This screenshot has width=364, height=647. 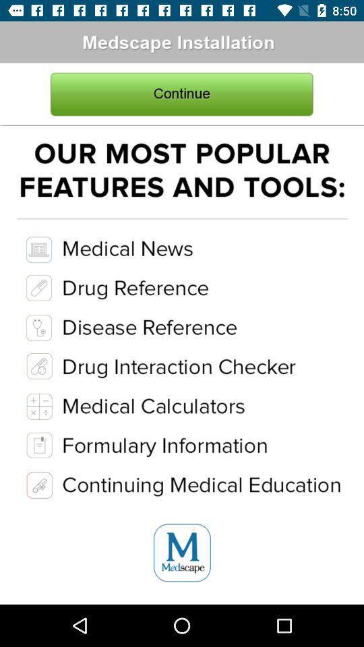 I want to click on continue, so click(x=181, y=94).